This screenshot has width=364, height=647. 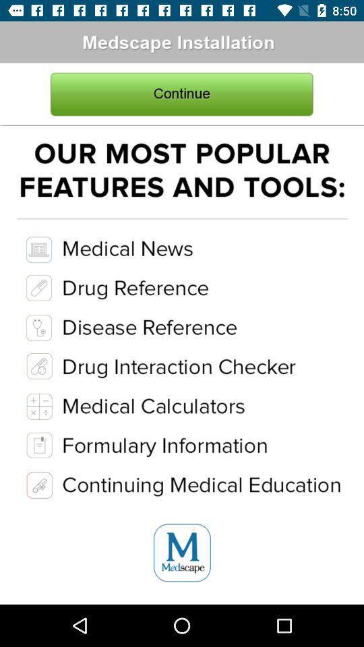 I want to click on continue, so click(x=181, y=94).